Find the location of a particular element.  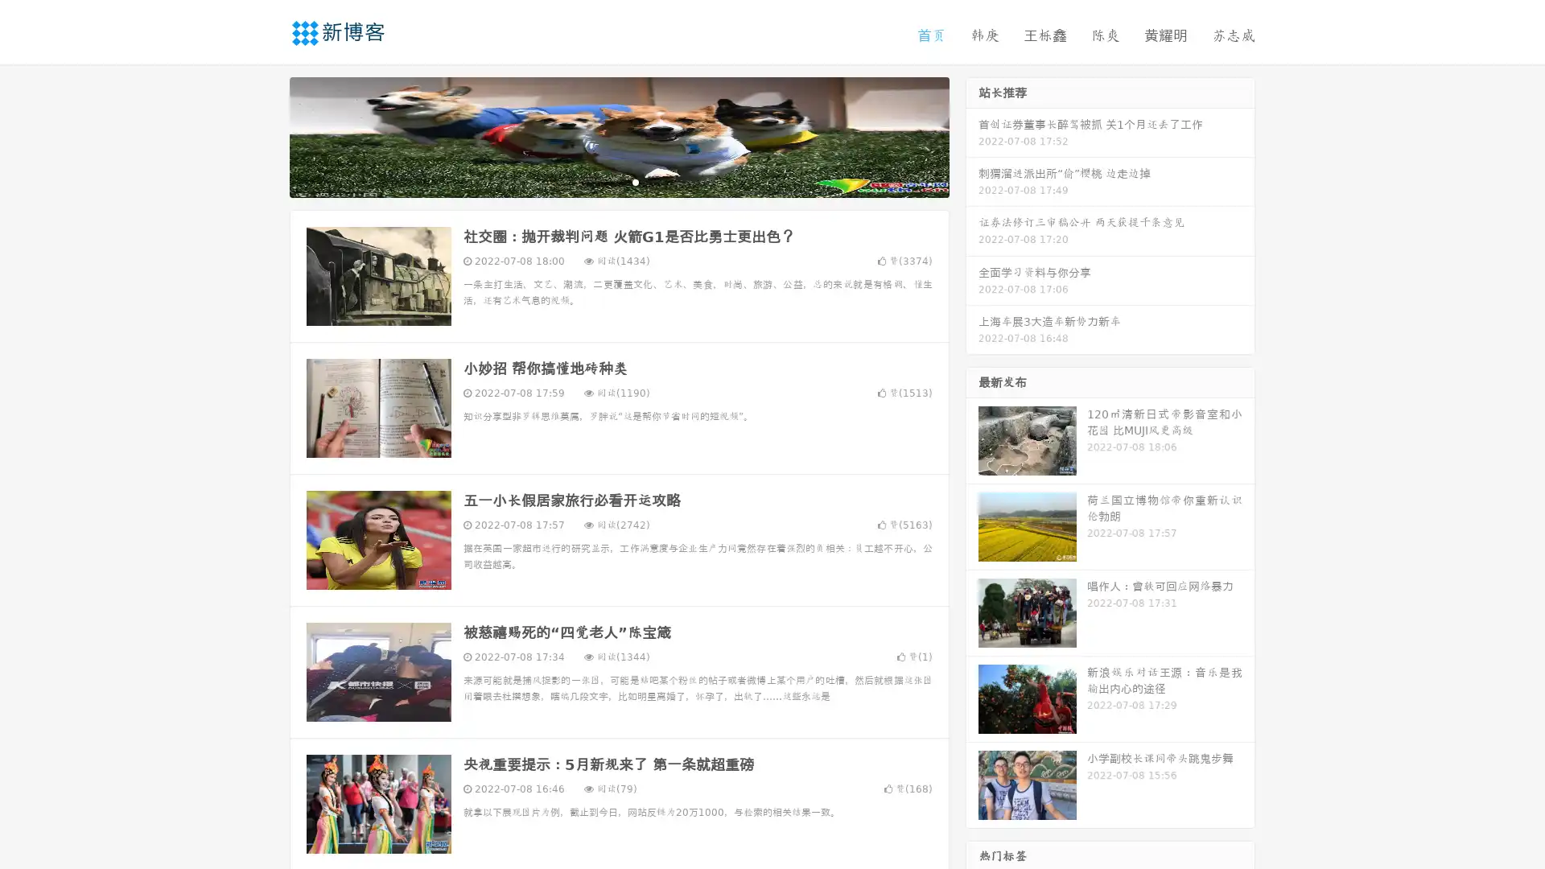

Go to slide 3 is located at coordinates (635, 181).